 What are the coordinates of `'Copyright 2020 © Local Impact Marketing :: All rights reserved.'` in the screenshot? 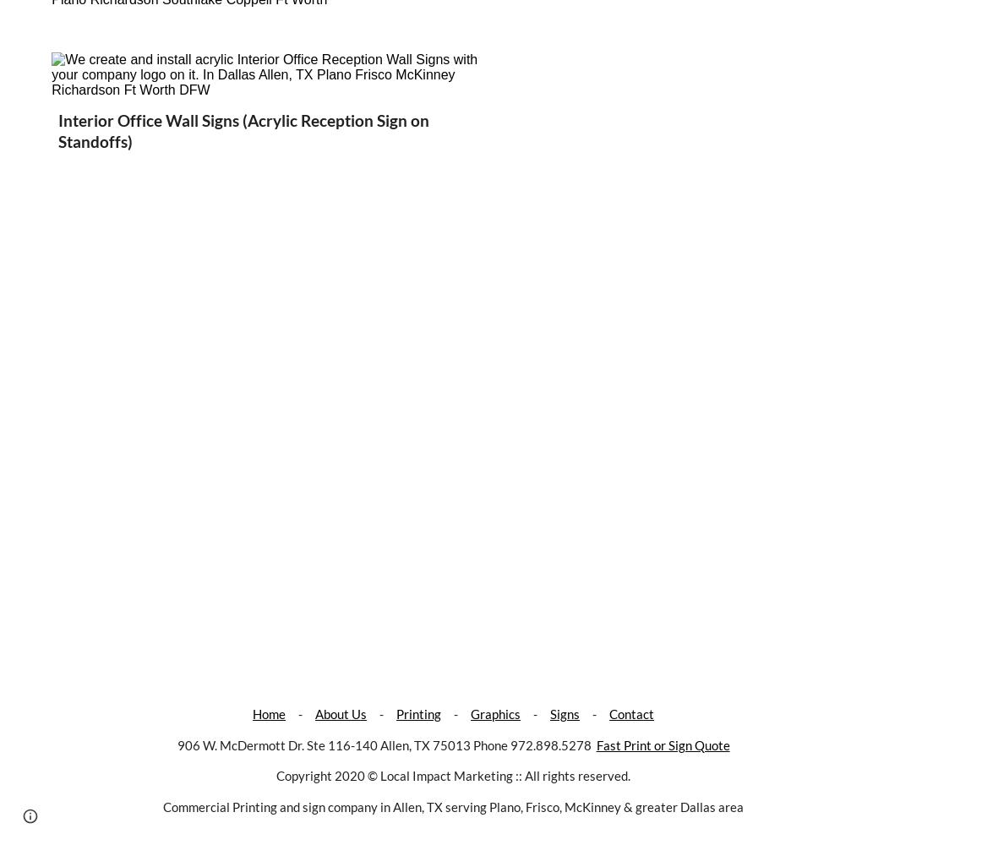 It's located at (453, 776).